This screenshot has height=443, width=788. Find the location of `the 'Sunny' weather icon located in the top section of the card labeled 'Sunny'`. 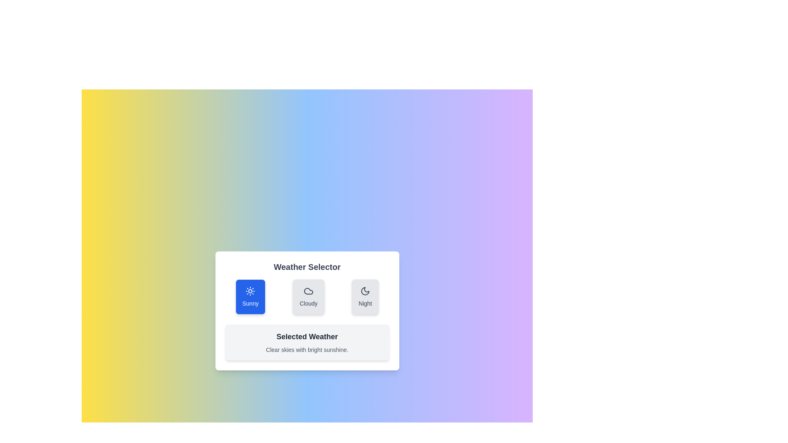

the 'Sunny' weather icon located in the top section of the card labeled 'Sunny' is located at coordinates (250, 290).